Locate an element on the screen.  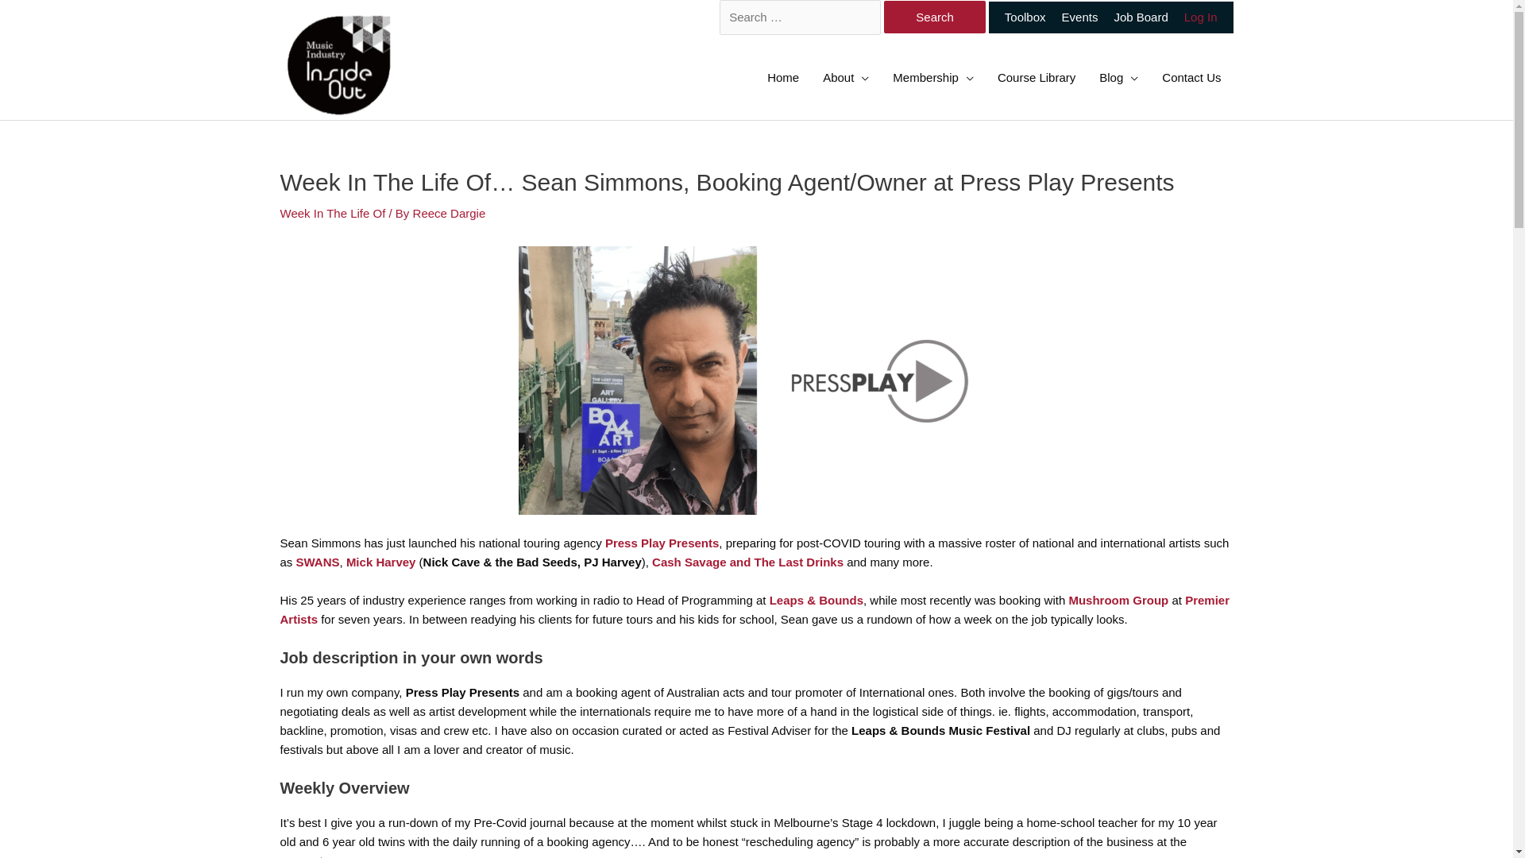
'Week In The Life Of' is located at coordinates (331, 212).